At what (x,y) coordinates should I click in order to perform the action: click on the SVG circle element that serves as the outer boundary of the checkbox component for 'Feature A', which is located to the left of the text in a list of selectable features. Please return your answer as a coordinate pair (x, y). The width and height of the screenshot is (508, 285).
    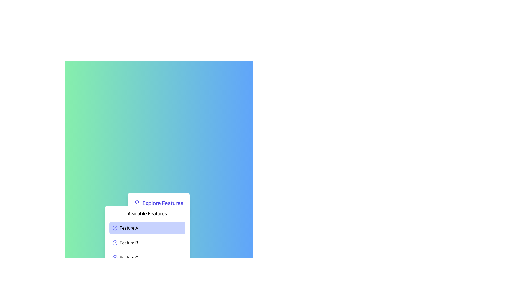
    Looking at the image, I should click on (115, 228).